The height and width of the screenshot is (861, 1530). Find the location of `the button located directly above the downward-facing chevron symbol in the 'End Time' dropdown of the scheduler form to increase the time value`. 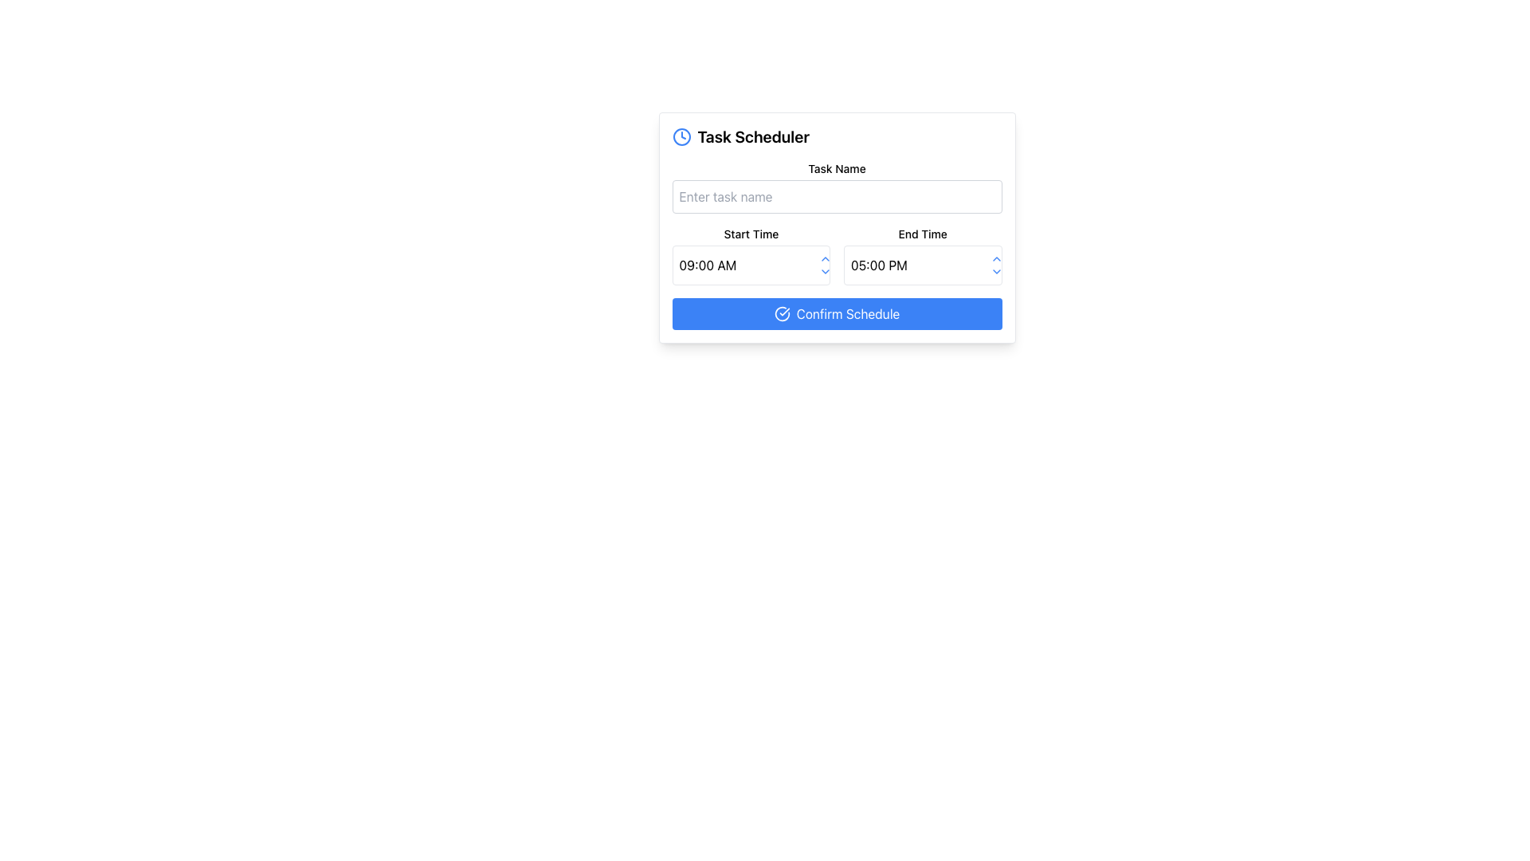

the button located directly above the downward-facing chevron symbol in the 'End Time' dropdown of the scheduler form to increase the time value is located at coordinates (995, 258).